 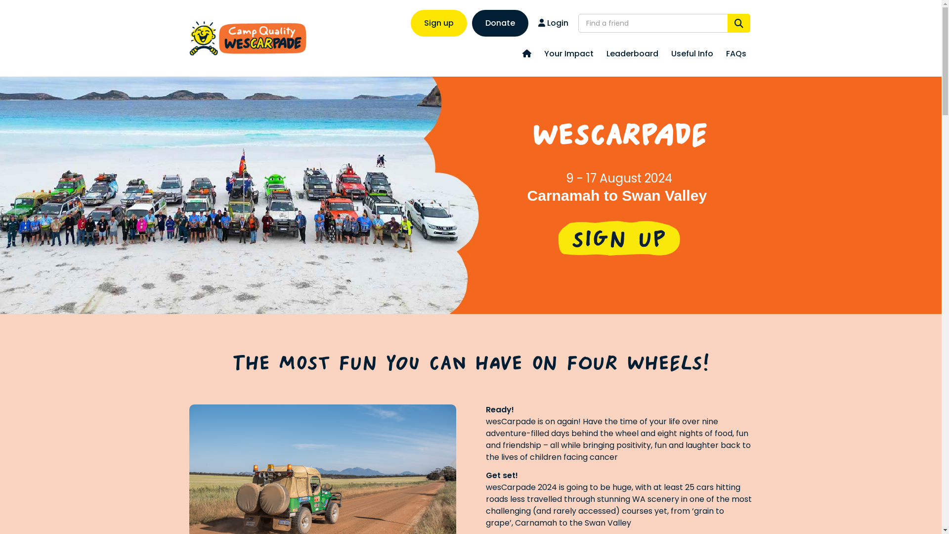 What do you see at coordinates (537, 54) in the screenshot?
I see `'Your Impact'` at bounding box center [537, 54].